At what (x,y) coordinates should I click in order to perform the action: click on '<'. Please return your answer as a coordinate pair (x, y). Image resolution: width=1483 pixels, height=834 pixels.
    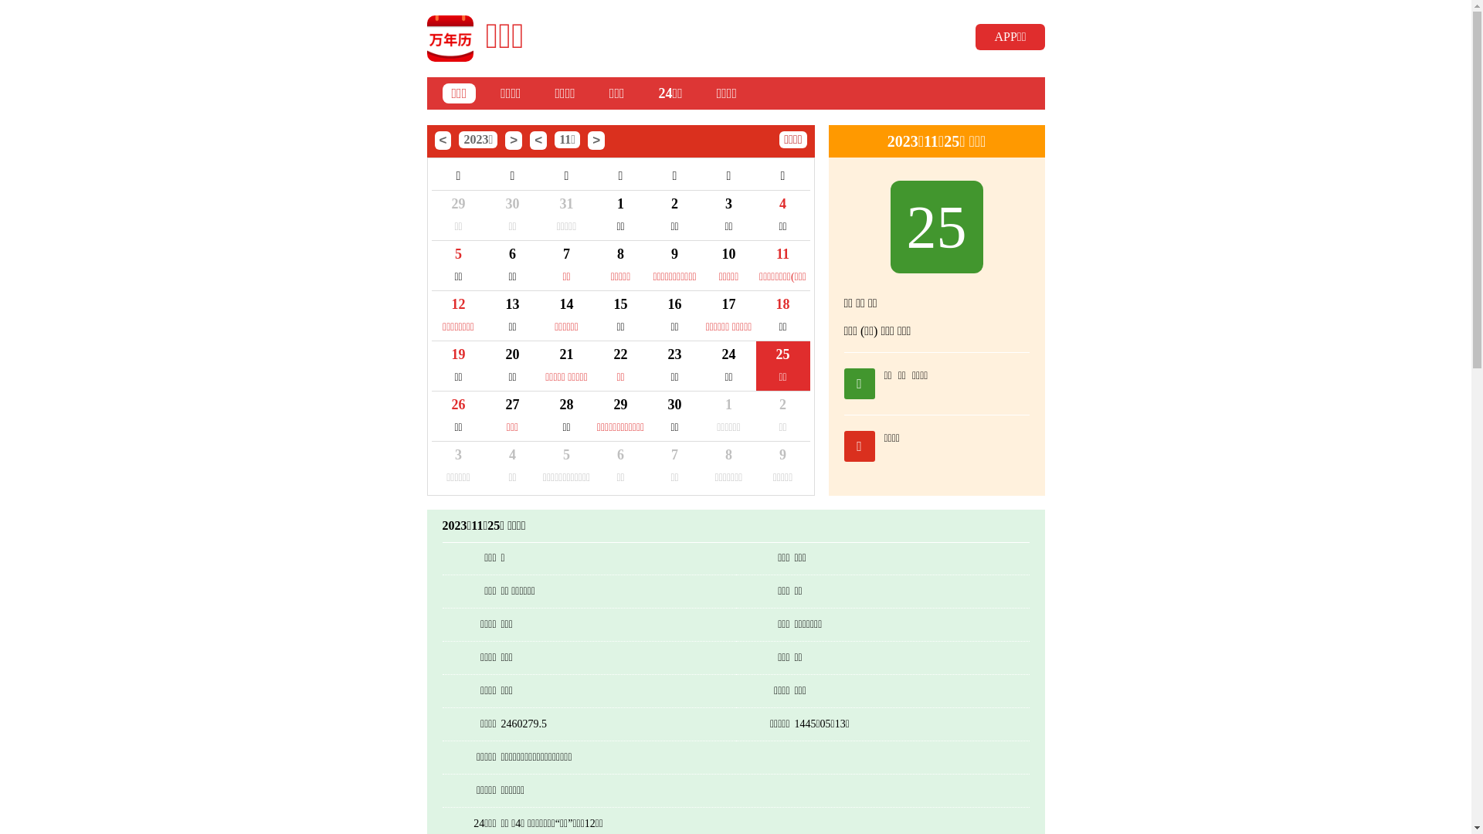
    Looking at the image, I should click on (441, 140).